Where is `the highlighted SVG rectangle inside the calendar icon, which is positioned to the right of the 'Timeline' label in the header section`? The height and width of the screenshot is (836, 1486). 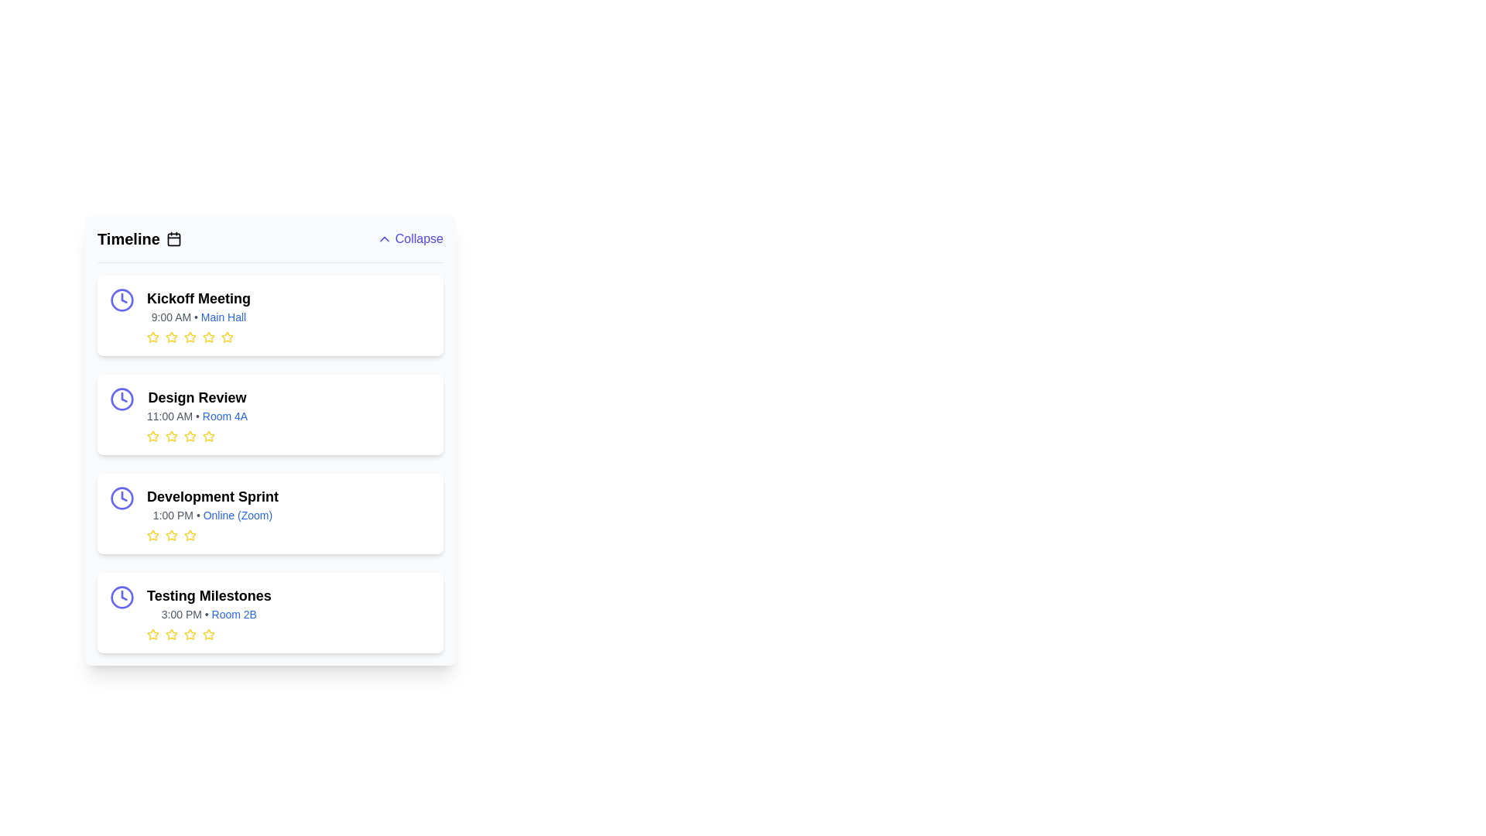 the highlighted SVG rectangle inside the calendar icon, which is positioned to the right of the 'Timeline' label in the header section is located at coordinates (173, 239).